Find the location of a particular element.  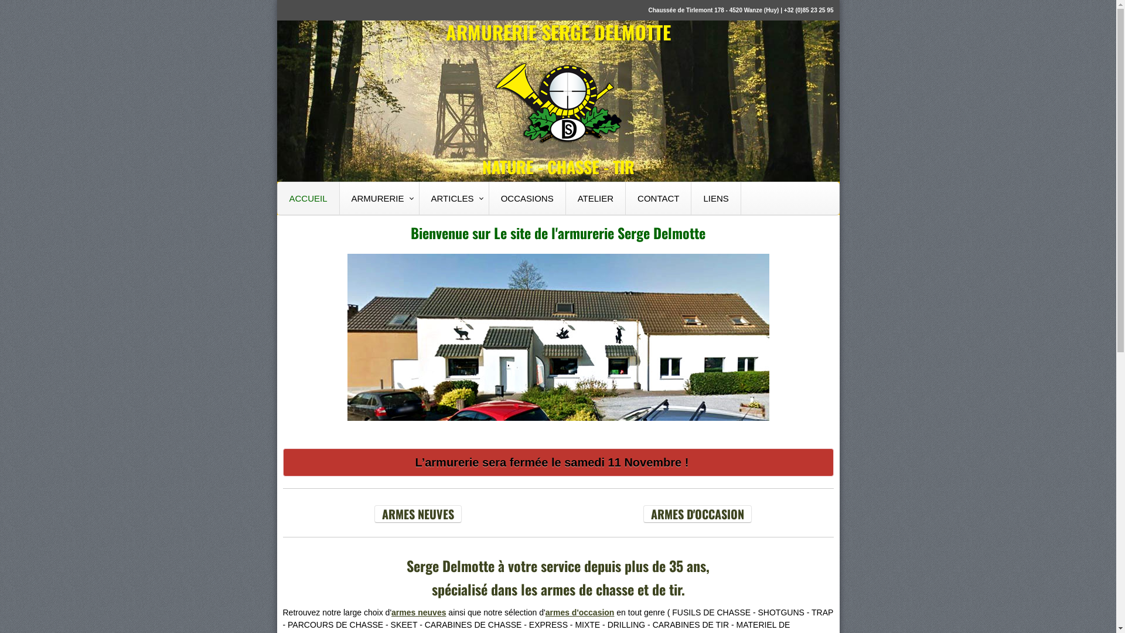

'ARMES NEUVES' is located at coordinates (418, 513).